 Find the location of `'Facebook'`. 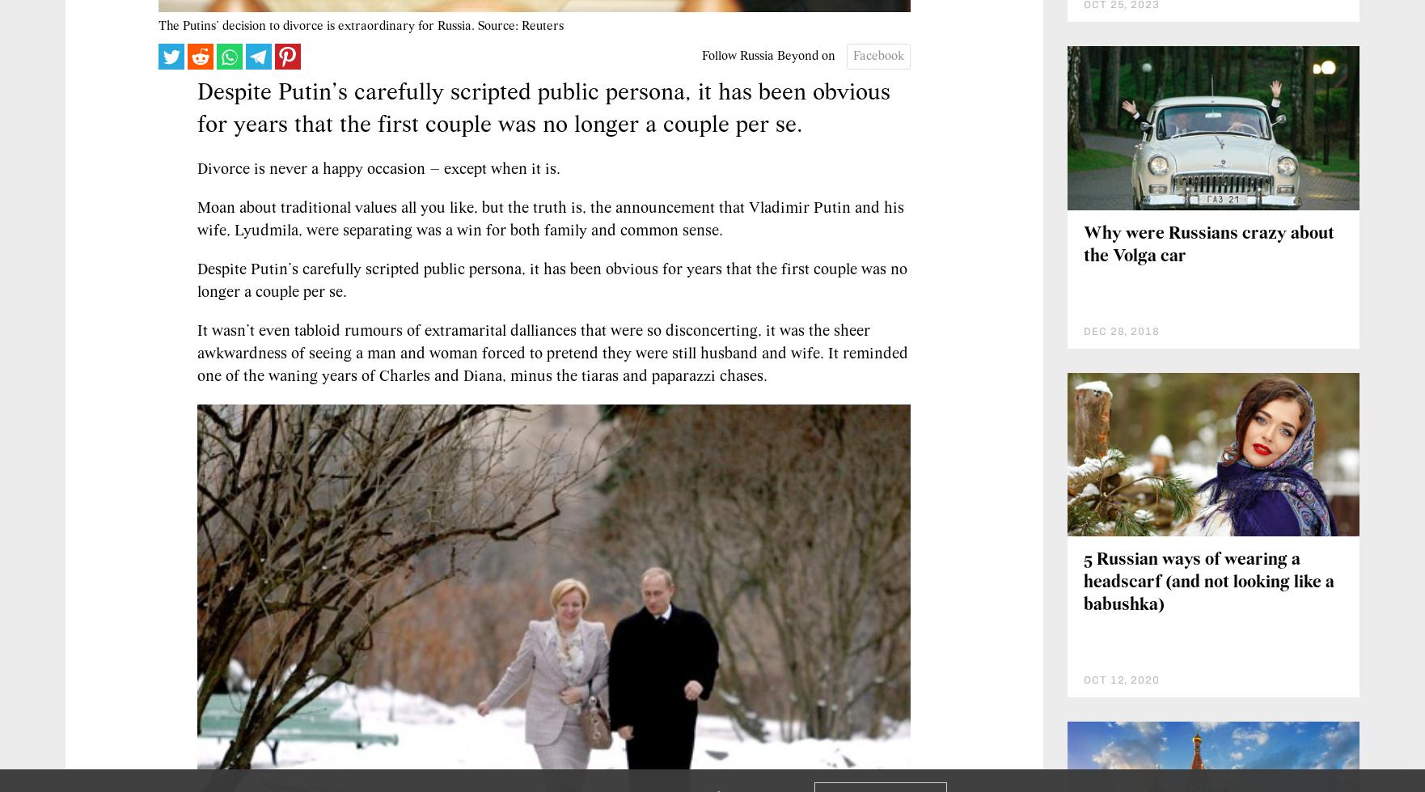

'Facebook' is located at coordinates (878, 56).